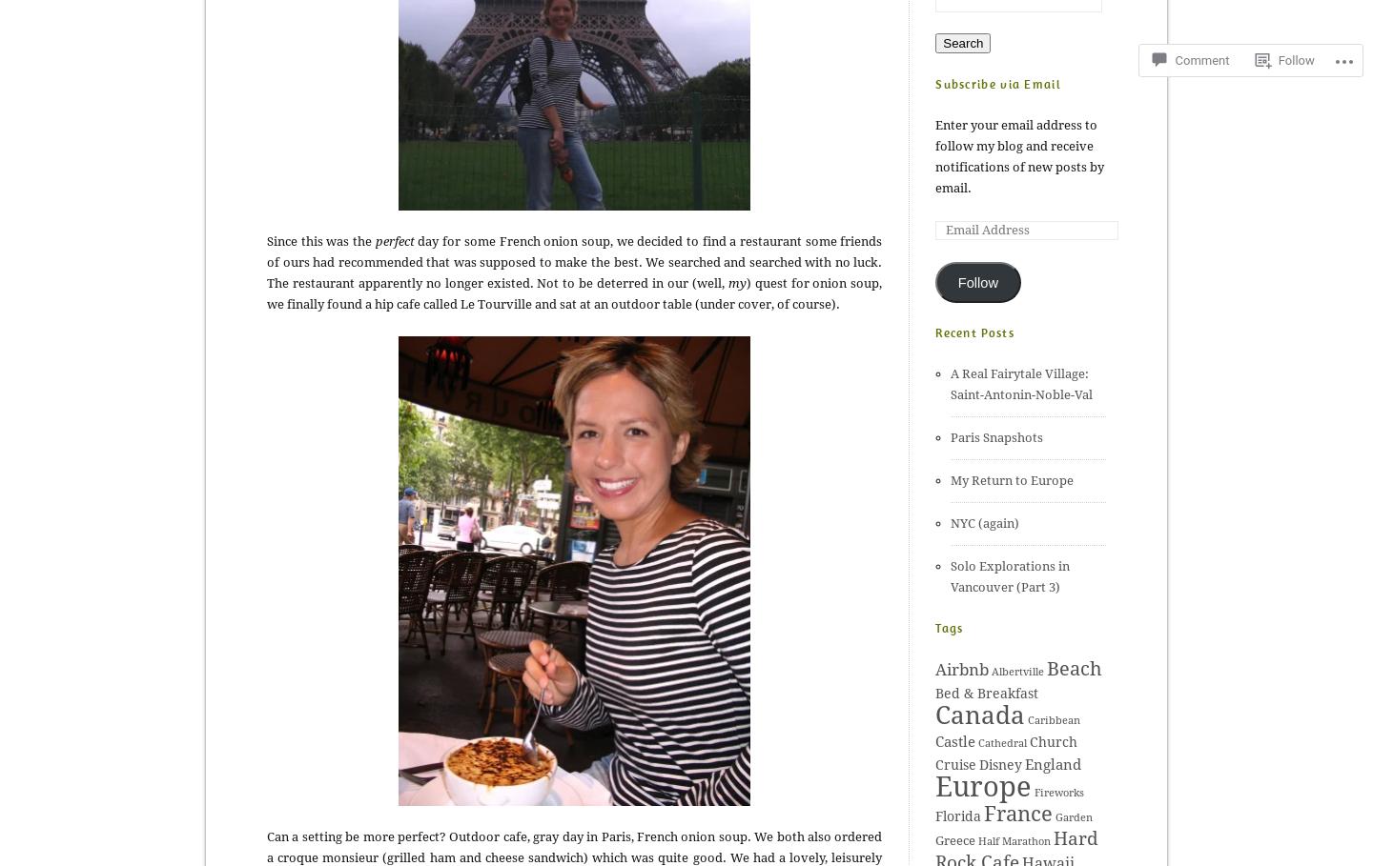  Describe the element at coordinates (1073, 816) in the screenshot. I see `'Garden'` at that location.